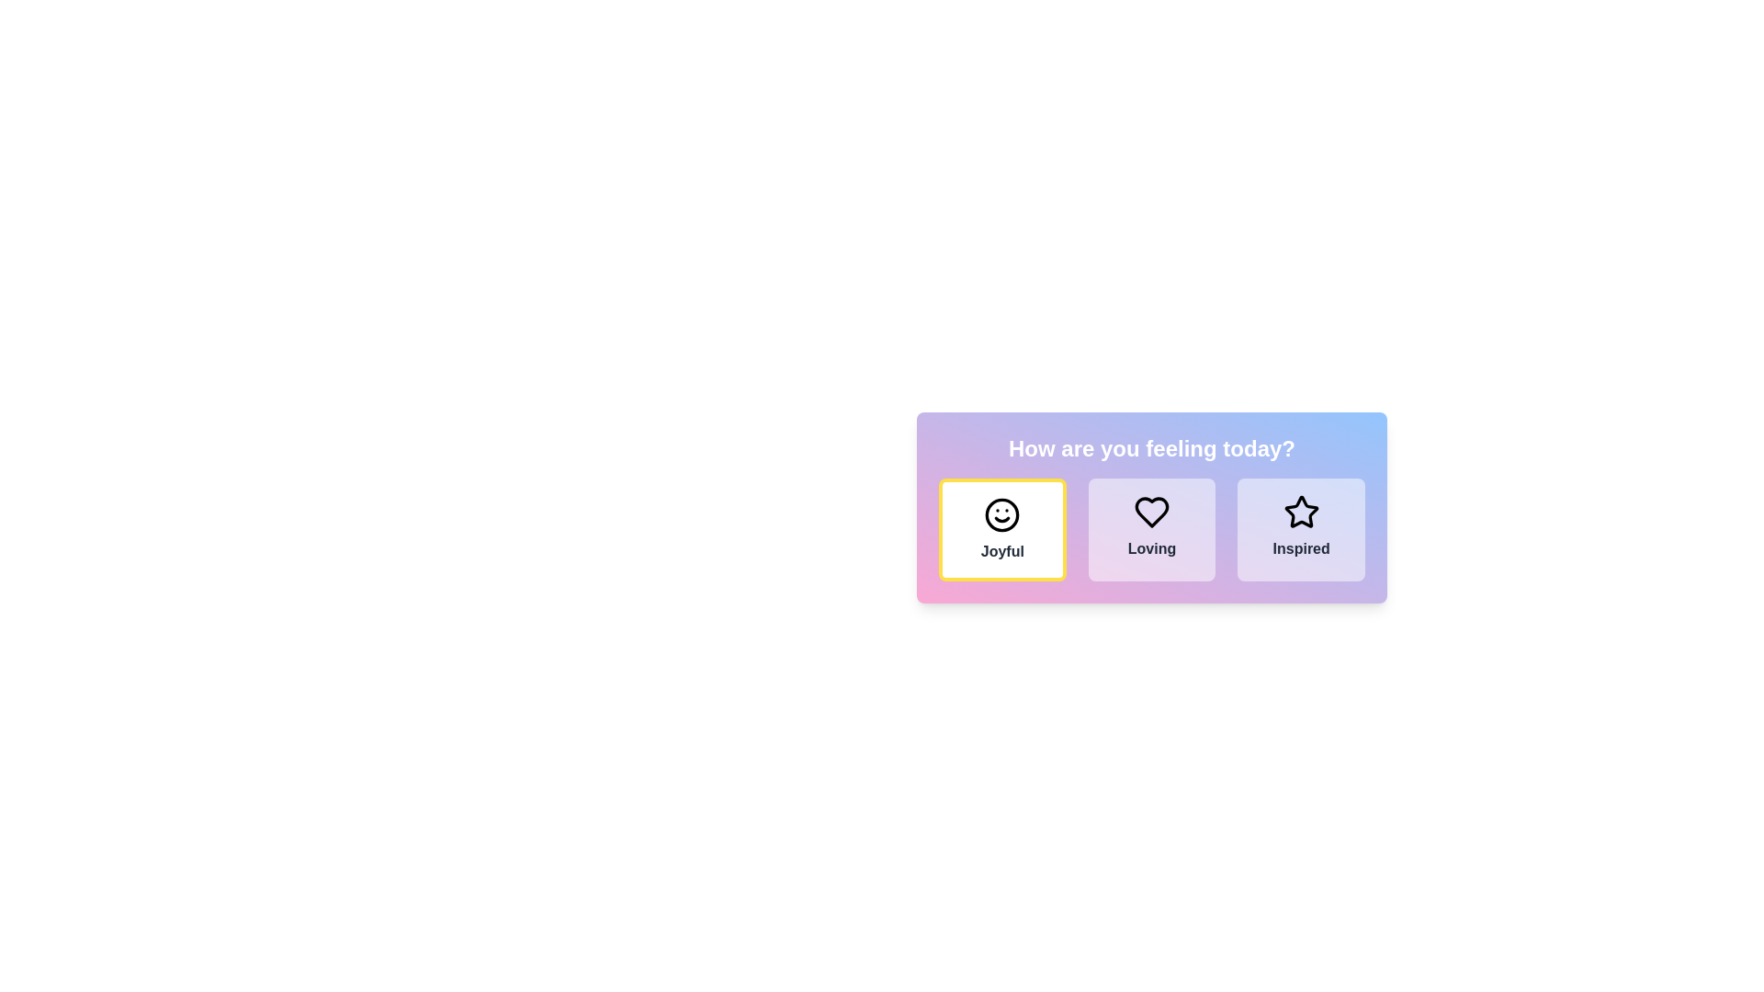  I want to click on the 'Loving' button, which features a heart icon and is positioned between the 'Joyful' and 'Inspired' options under the query 'How are you feeling today?', so click(1150, 530).